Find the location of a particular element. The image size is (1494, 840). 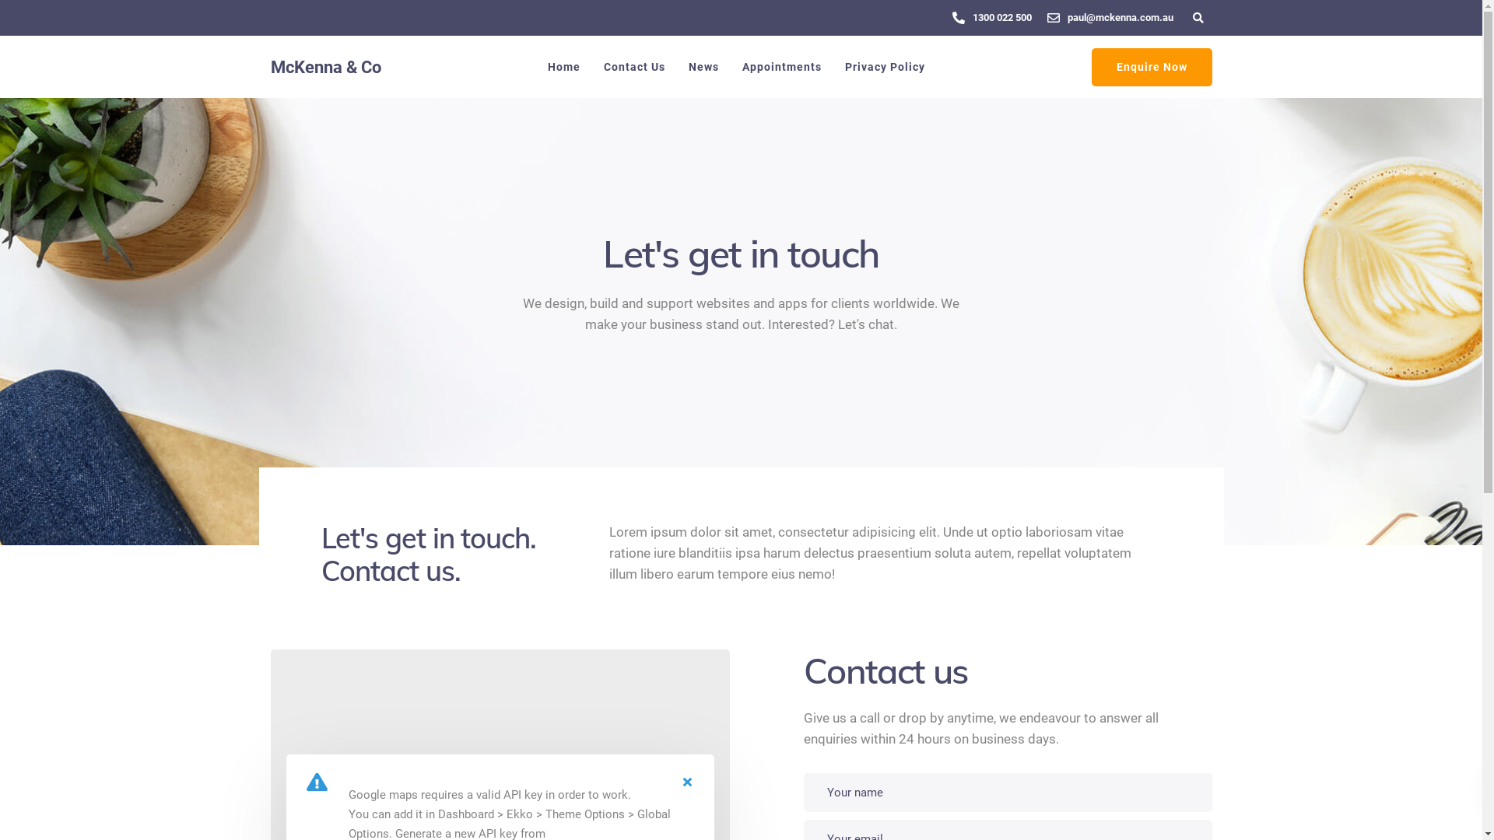

'Home' is located at coordinates (563, 65).